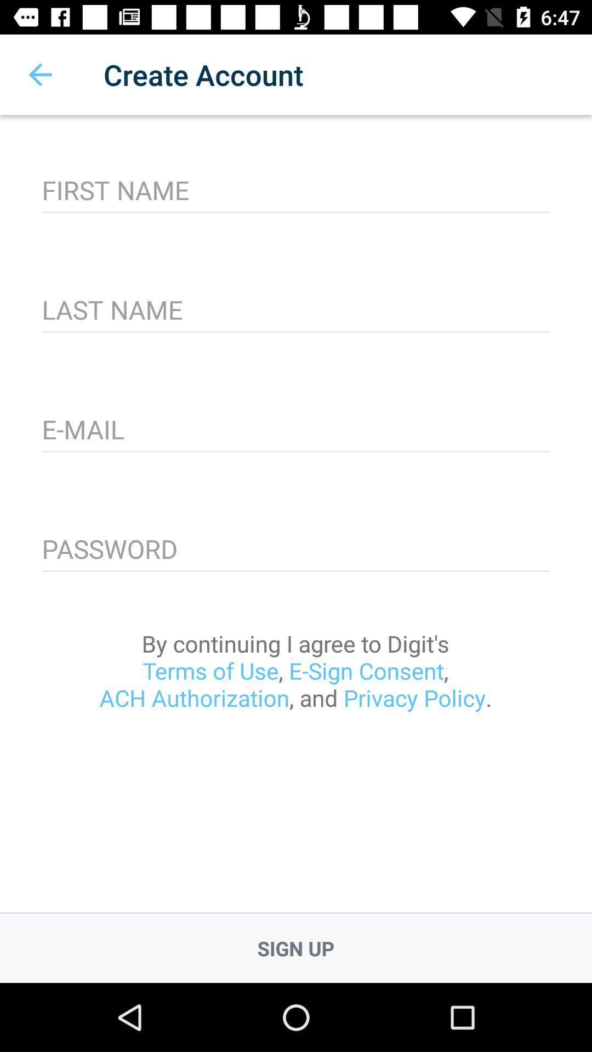 This screenshot has height=1052, width=592. I want to click on by continuing i, so click(295, 670).